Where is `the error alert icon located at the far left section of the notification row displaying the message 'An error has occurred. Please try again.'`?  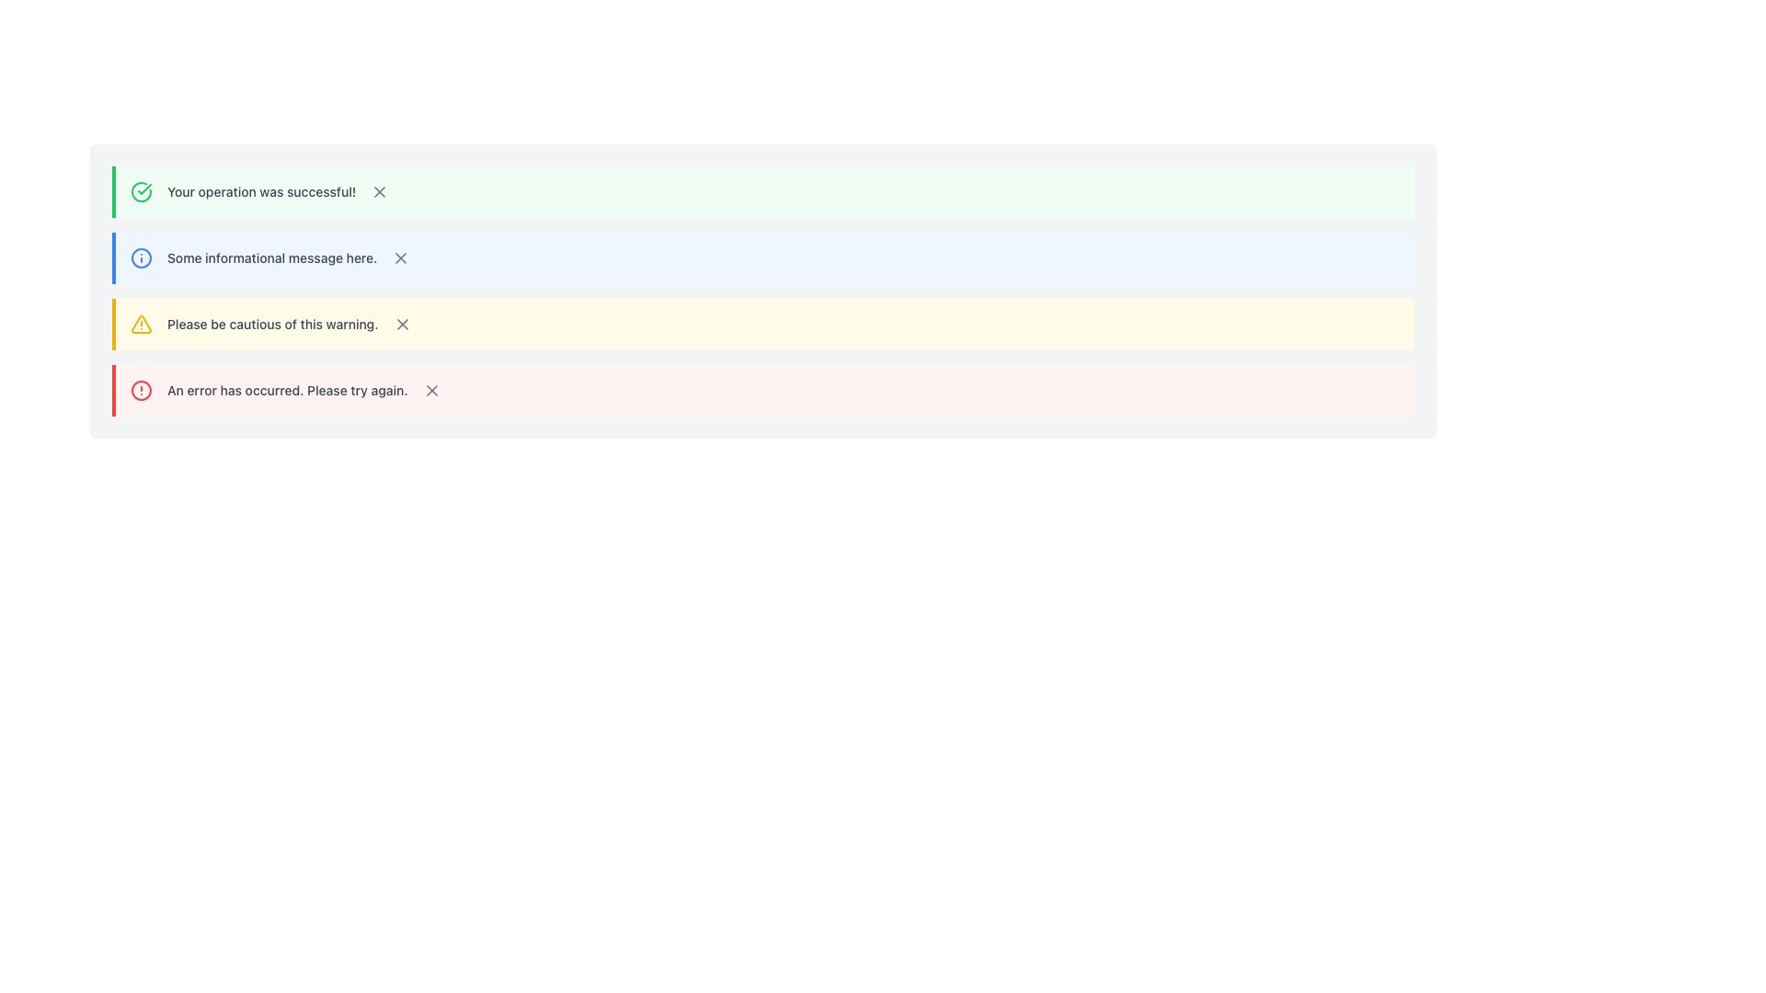 the error alert icon located at the far left section of the notification row displaying the message 'An error has occurred. Please try again.' is located at coordinates (140, 389).